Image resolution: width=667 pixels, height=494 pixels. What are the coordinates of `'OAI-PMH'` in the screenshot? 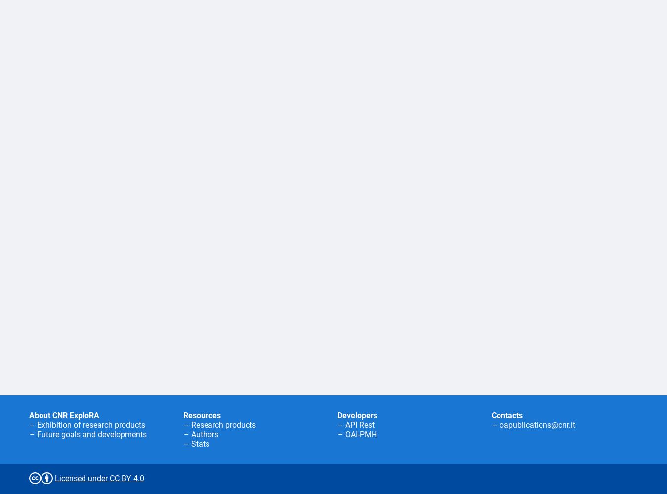 It's located at (361, 434).